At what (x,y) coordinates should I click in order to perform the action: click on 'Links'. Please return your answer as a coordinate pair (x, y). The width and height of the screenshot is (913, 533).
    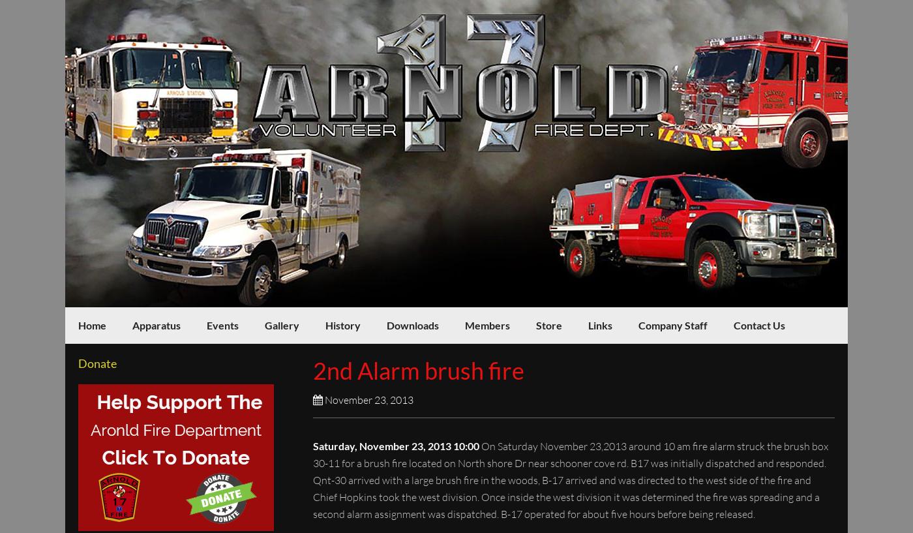
    Looking at the image, I should click on (588, 324).